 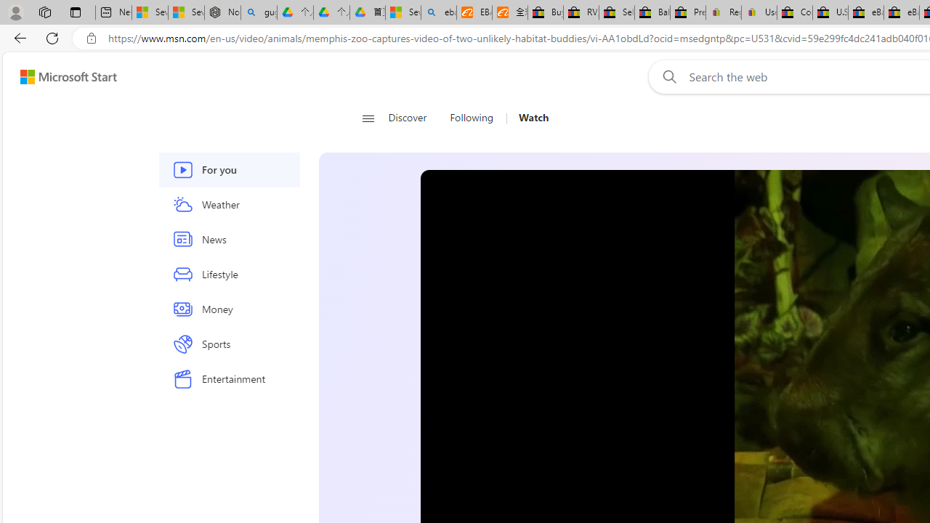 I want to click on 'U.S. State Privacy Disclosures - eBay Inc.', so click(x=830, y=12).